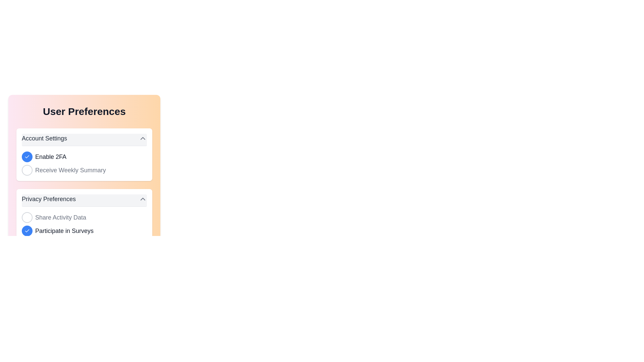 The width and height of the screenshot is (644, 362). Describe the element at coordinates (27, 231) in the screenshot. I see `the checked state icon inside the blue circular button next to the 'Participate in Surveys' label in the 'Privacy Preferences' section` at that location.